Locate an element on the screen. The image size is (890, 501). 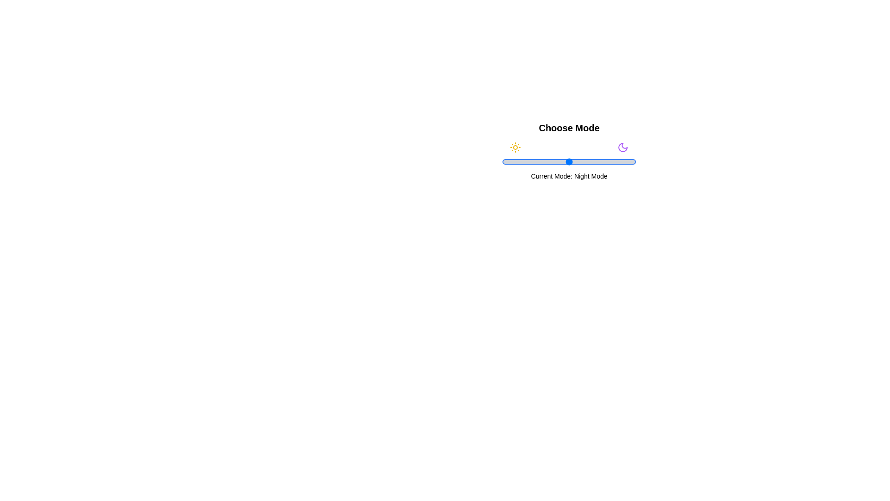
the slider to 32% to set the mode is located at coordinates (545, 161).